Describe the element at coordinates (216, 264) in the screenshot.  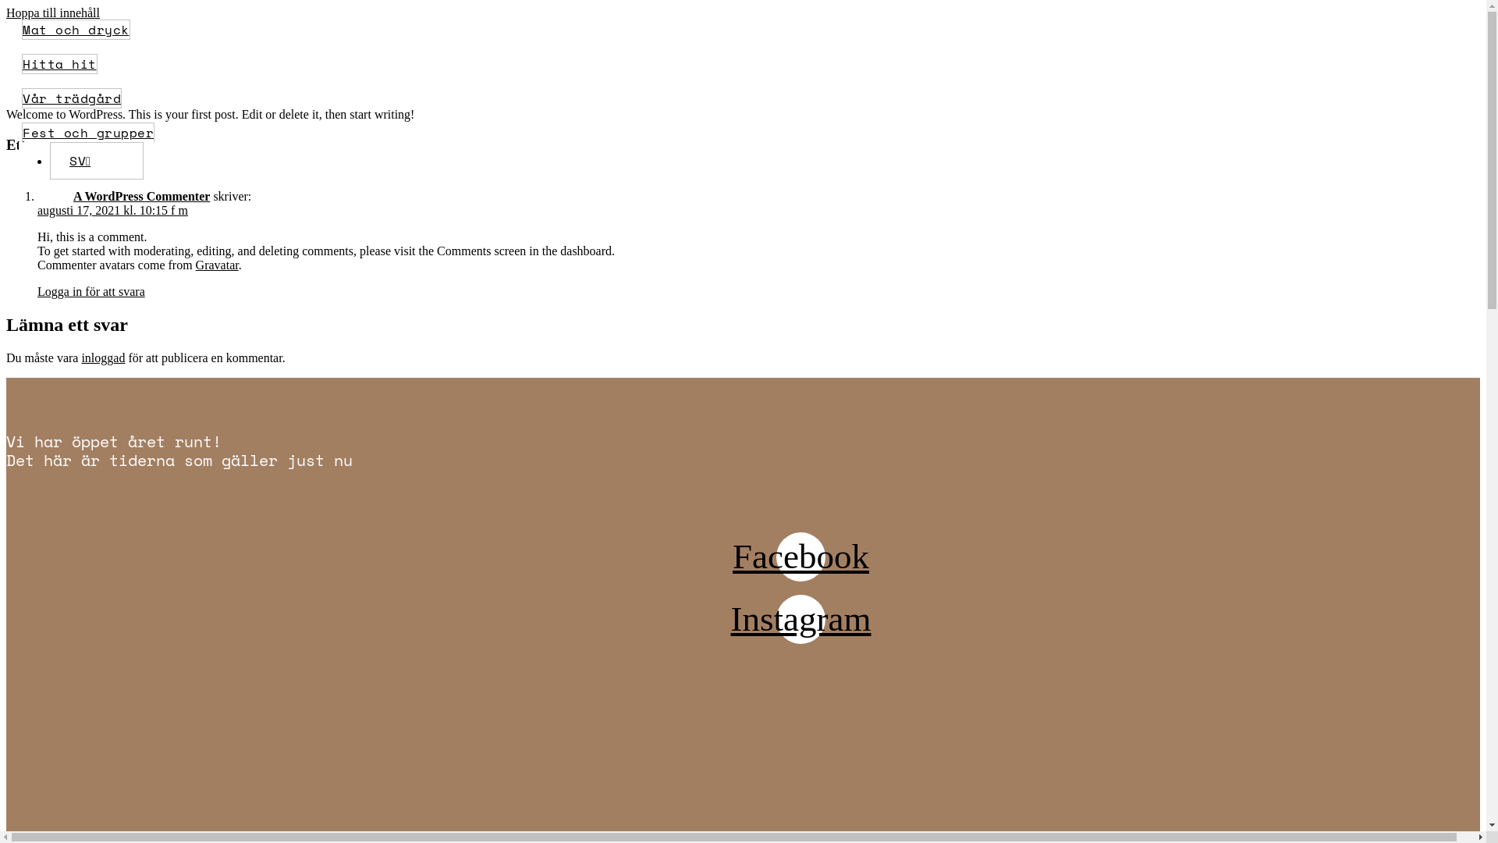
I see `'Gravatar'` at that location.